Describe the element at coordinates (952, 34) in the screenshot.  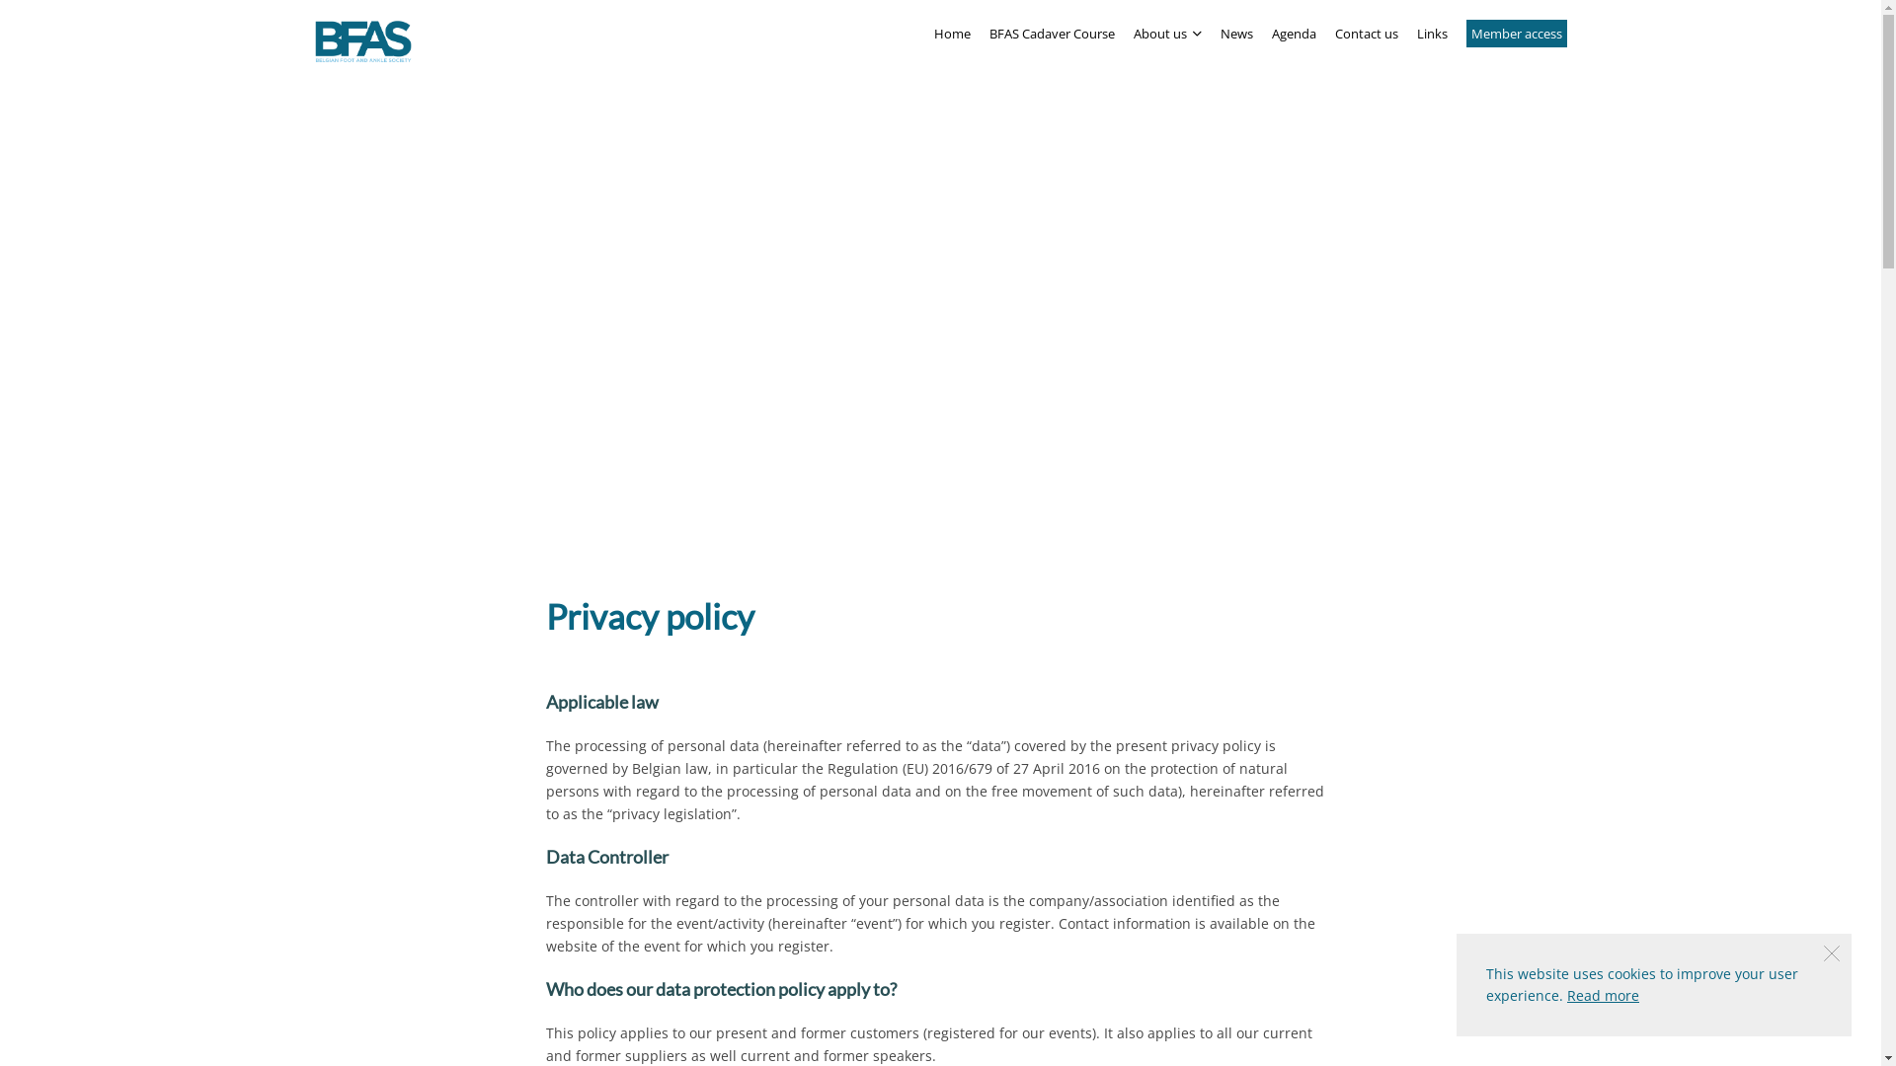
I see `'Home'` at that location.